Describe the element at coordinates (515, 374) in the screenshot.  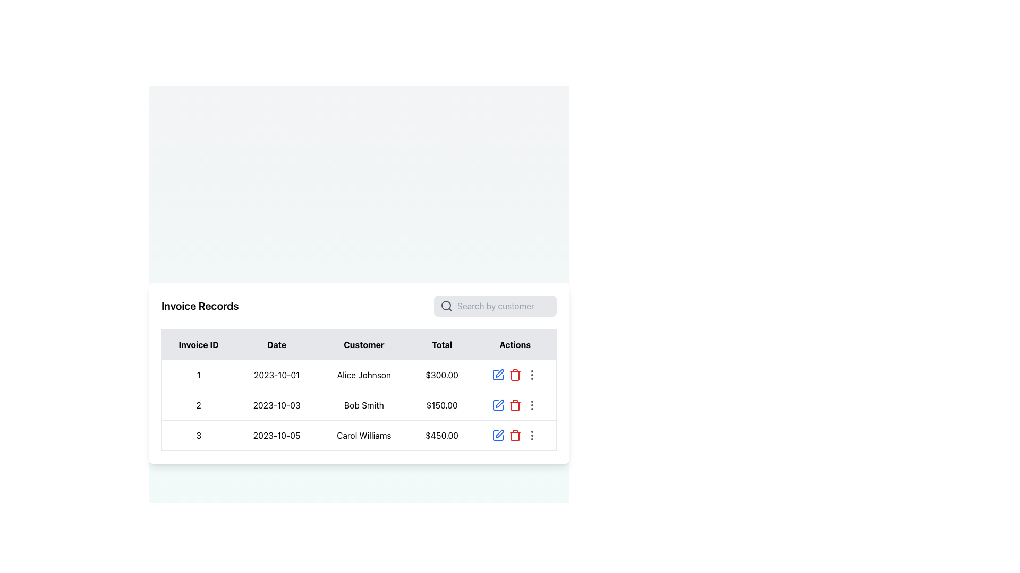
I see `the delete button for the row associated with the customer named 'Bob Smith' to trigger a hover effect` at that location.